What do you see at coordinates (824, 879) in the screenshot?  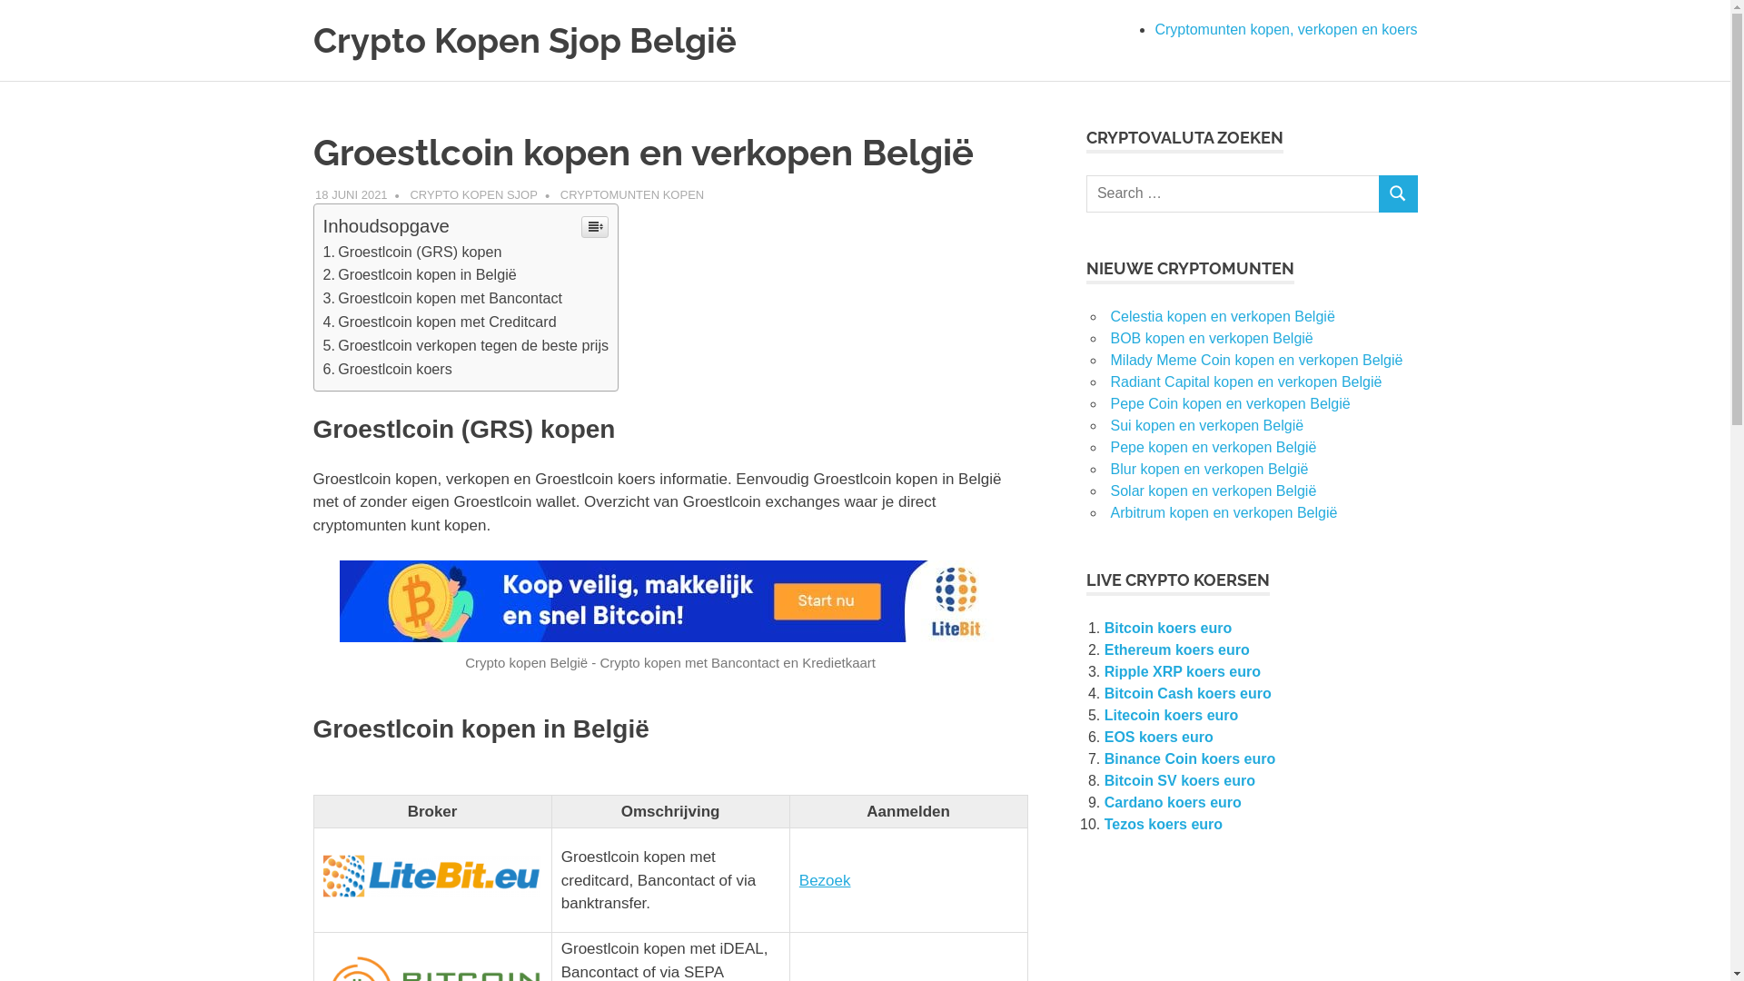 I see `'Bezoek'` at bounding box center [824, 879].